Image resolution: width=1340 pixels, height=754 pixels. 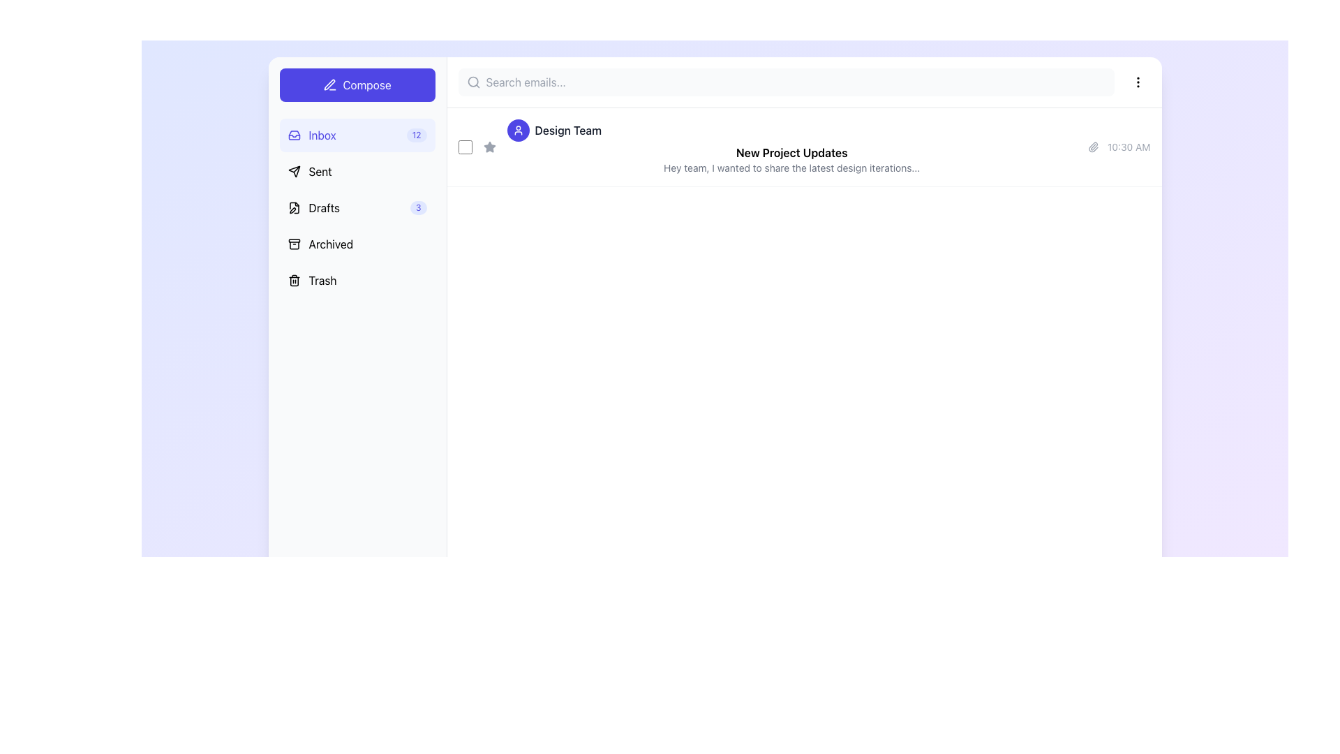 I want to click on displayed time from the text label showing '10:30 AM' in gray font located in the top-right section of the email list view, so click(x=1129, y=147).